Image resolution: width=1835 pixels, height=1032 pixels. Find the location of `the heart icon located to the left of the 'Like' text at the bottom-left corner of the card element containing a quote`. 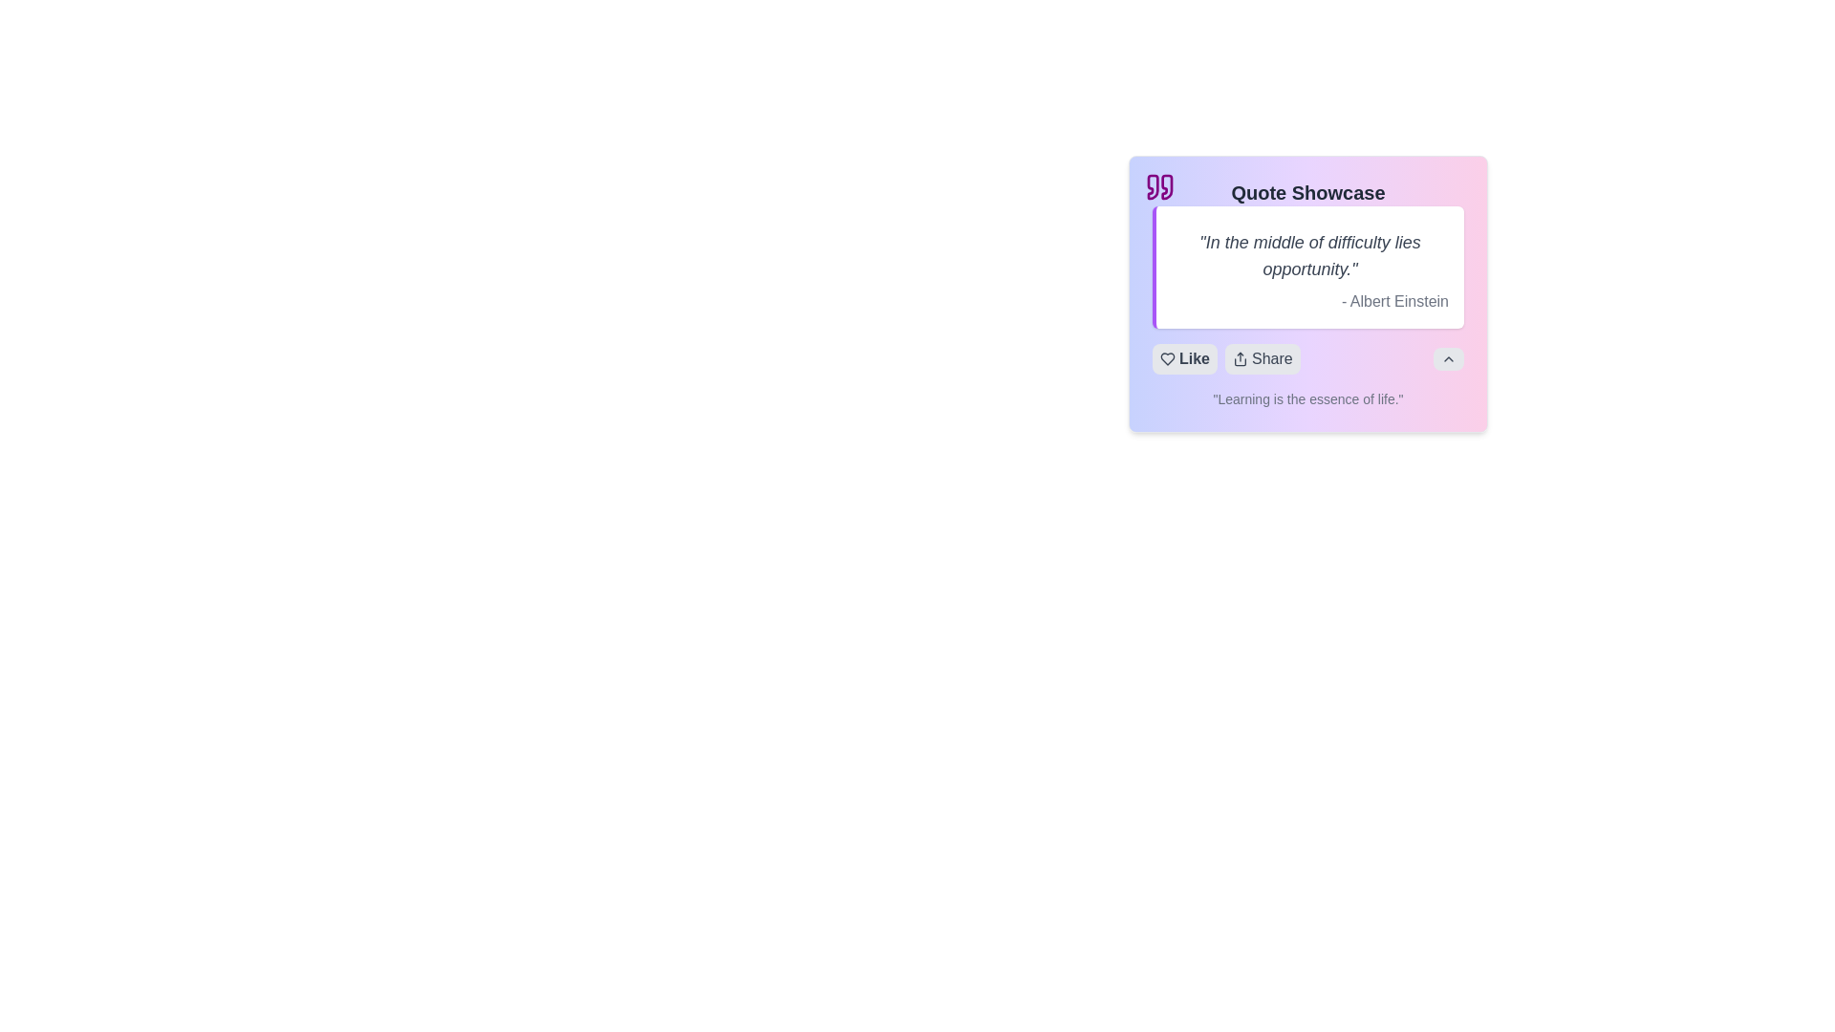

the heart icon located to the left of the 'Like' text at the bottom-left corner of the card element containing a quote is located at coordinates (1167, 358).